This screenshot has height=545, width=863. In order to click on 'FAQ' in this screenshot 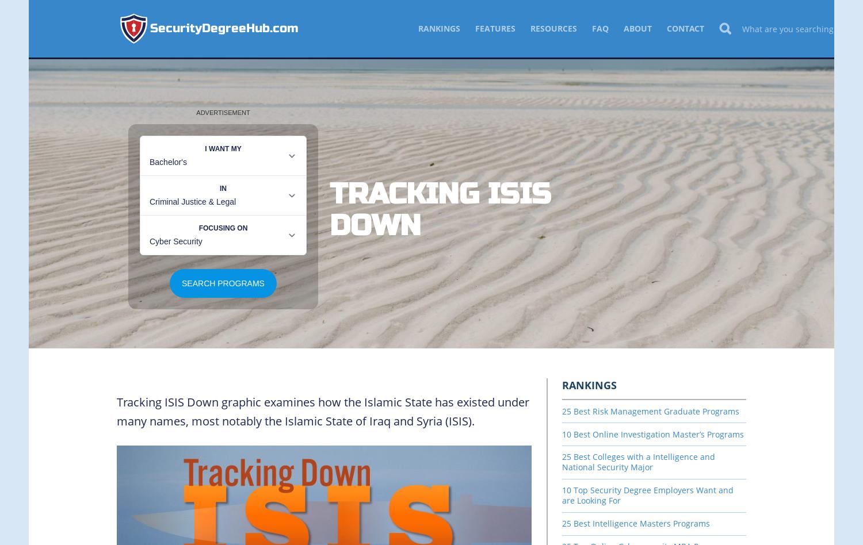, I will do `click(600, 28)`.